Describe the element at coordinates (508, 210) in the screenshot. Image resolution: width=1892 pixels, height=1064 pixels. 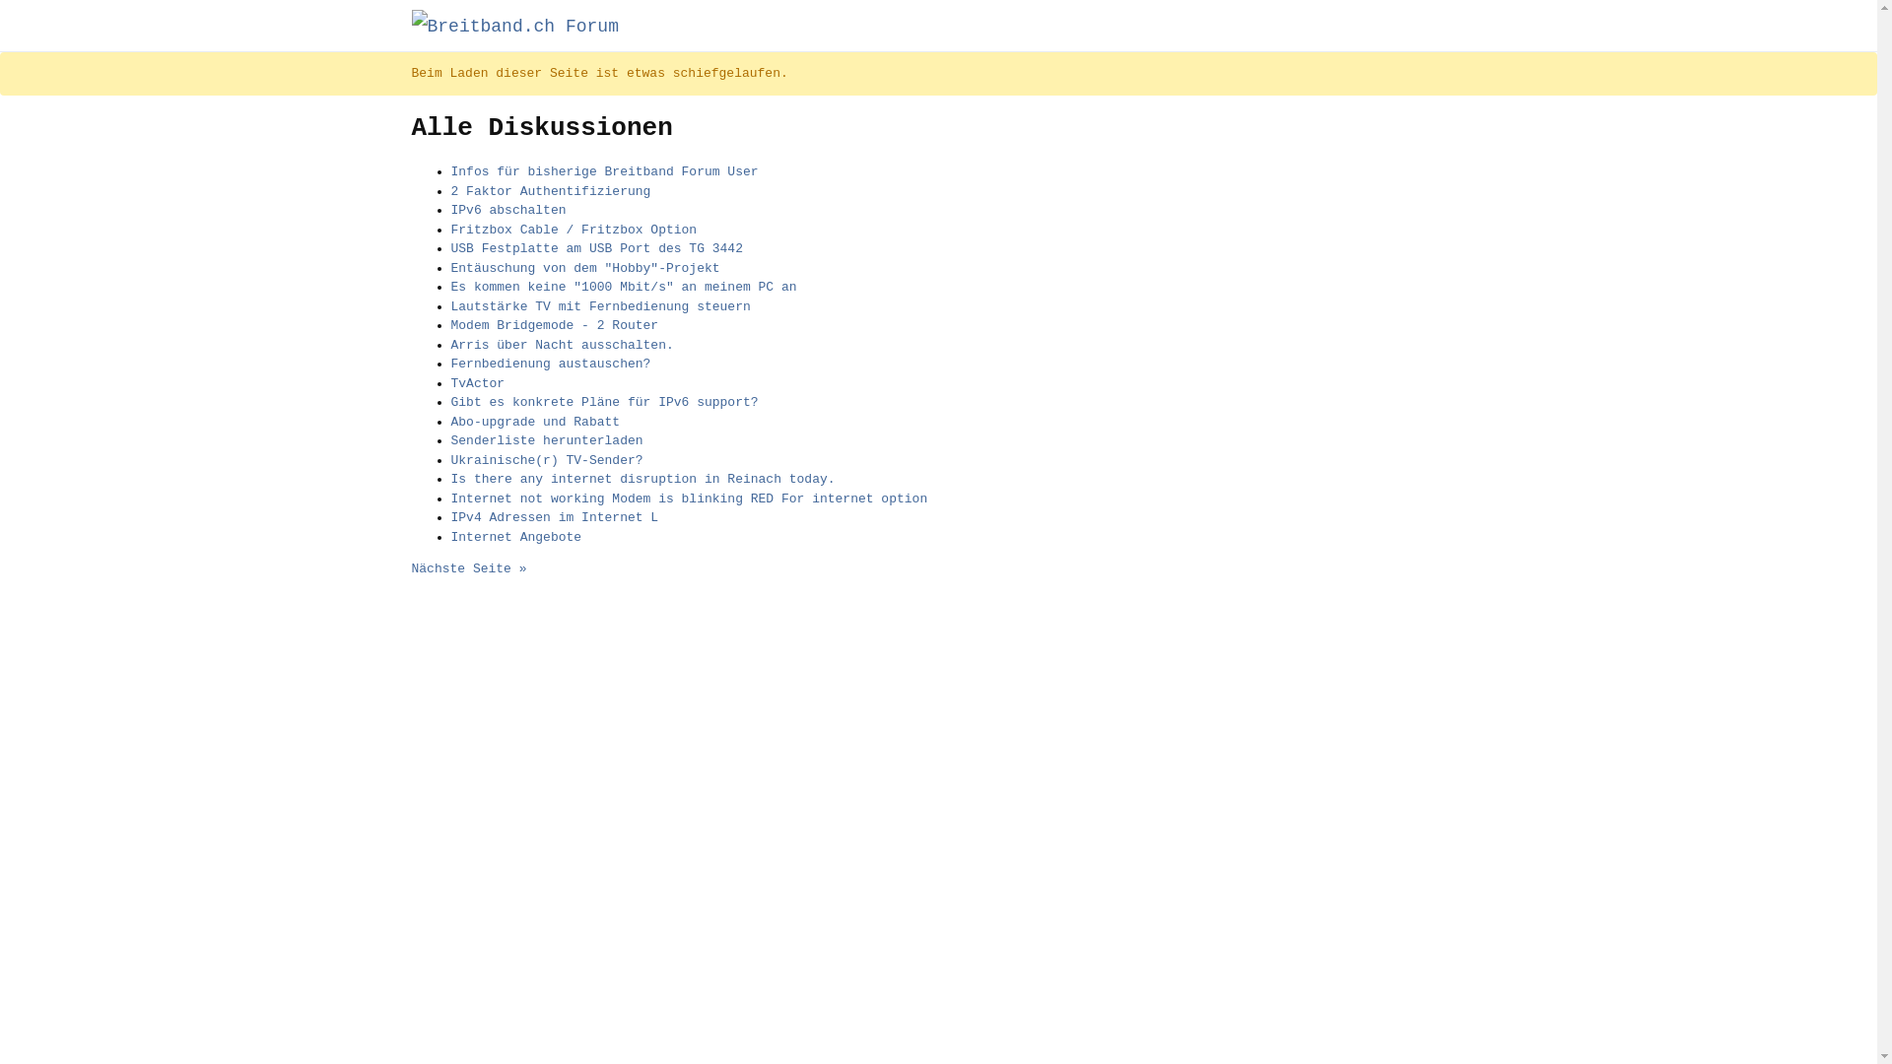
I see `'IPv6 abschalten'` at that location.